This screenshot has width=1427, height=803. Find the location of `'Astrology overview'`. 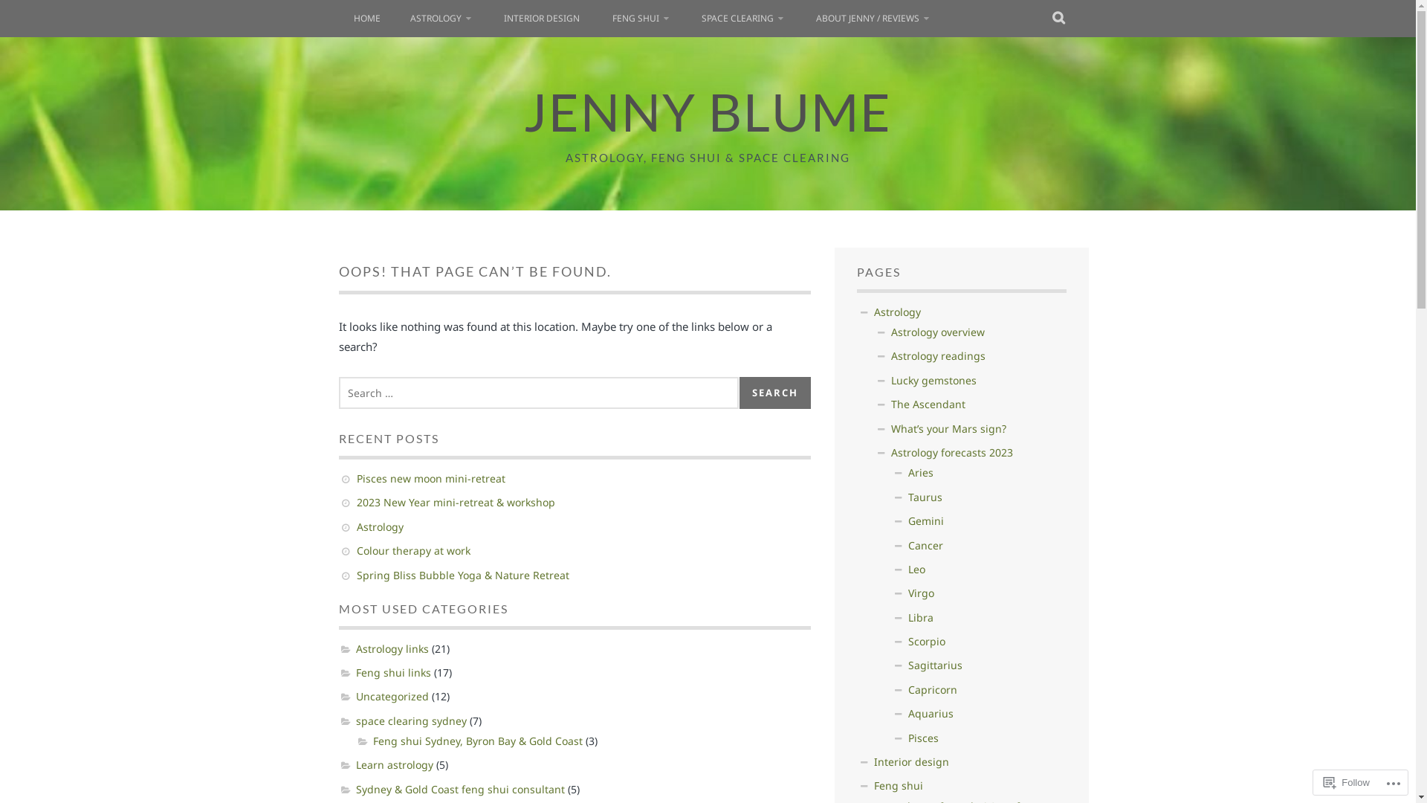

'Astrology overview' is located at coordinates (937, 331).